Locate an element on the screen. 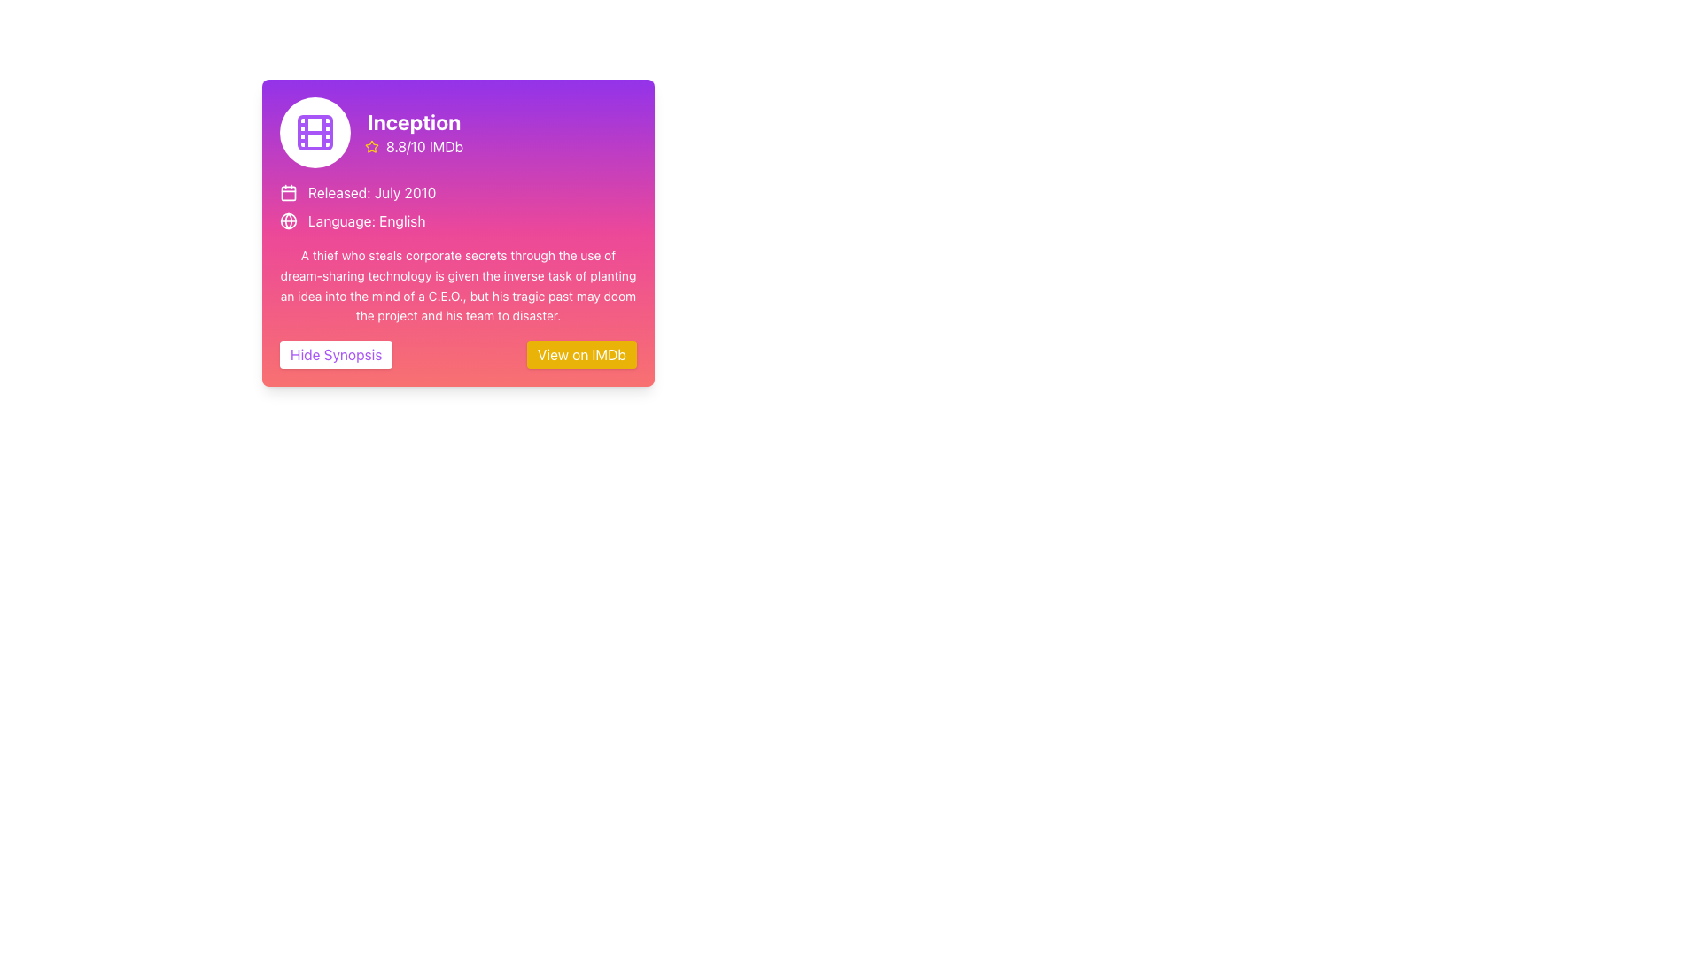 This screenshot has width=1701, height=956. text of the label displaying the language, which shows 'Language: English' located to the right of a globe icon in a horizontal layout is located at coordinates (366, 220).